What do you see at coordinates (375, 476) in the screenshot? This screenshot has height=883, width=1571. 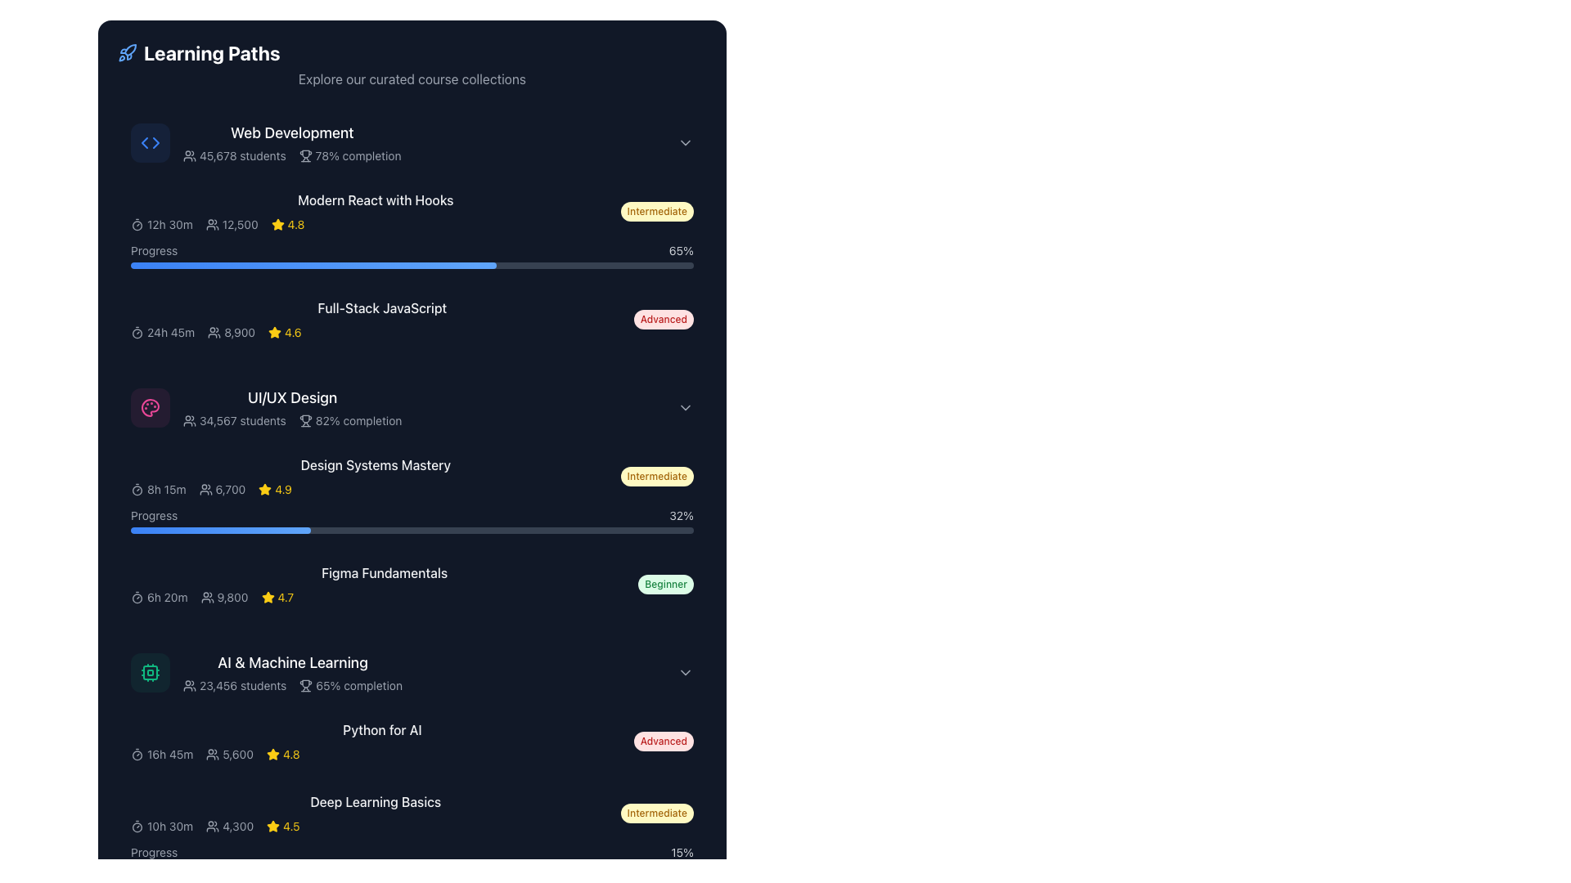 I see `the informational text block for the 'UI/UX Design' course to expand its details` at bounding box center [375, 476].